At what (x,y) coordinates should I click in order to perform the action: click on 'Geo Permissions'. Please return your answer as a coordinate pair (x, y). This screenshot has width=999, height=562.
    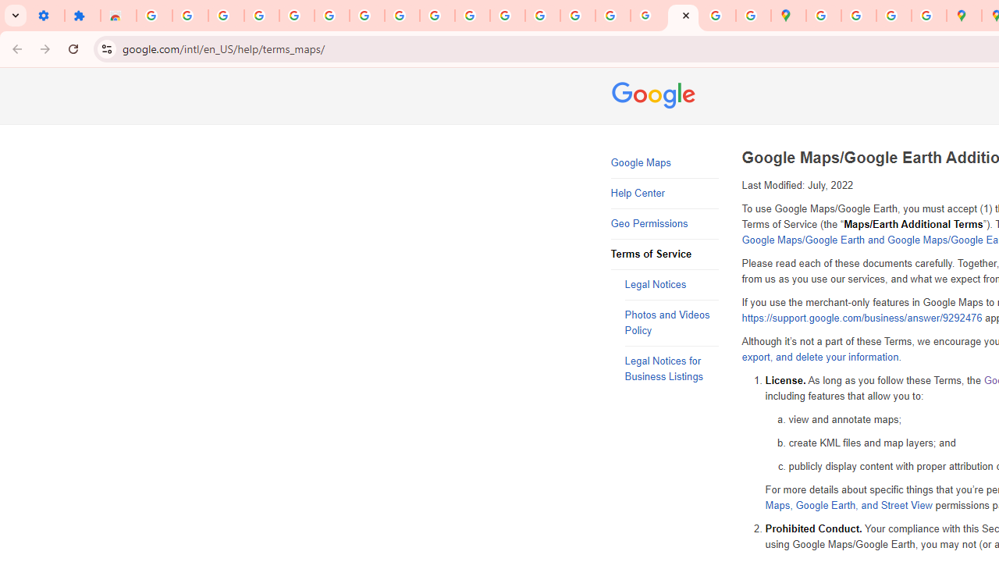
    Looking at the image, I should click on (664, 224).